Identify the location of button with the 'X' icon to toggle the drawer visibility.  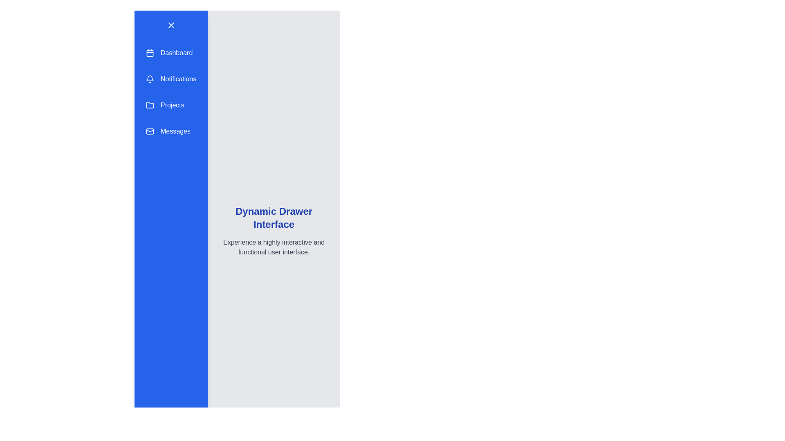
(170, 24).